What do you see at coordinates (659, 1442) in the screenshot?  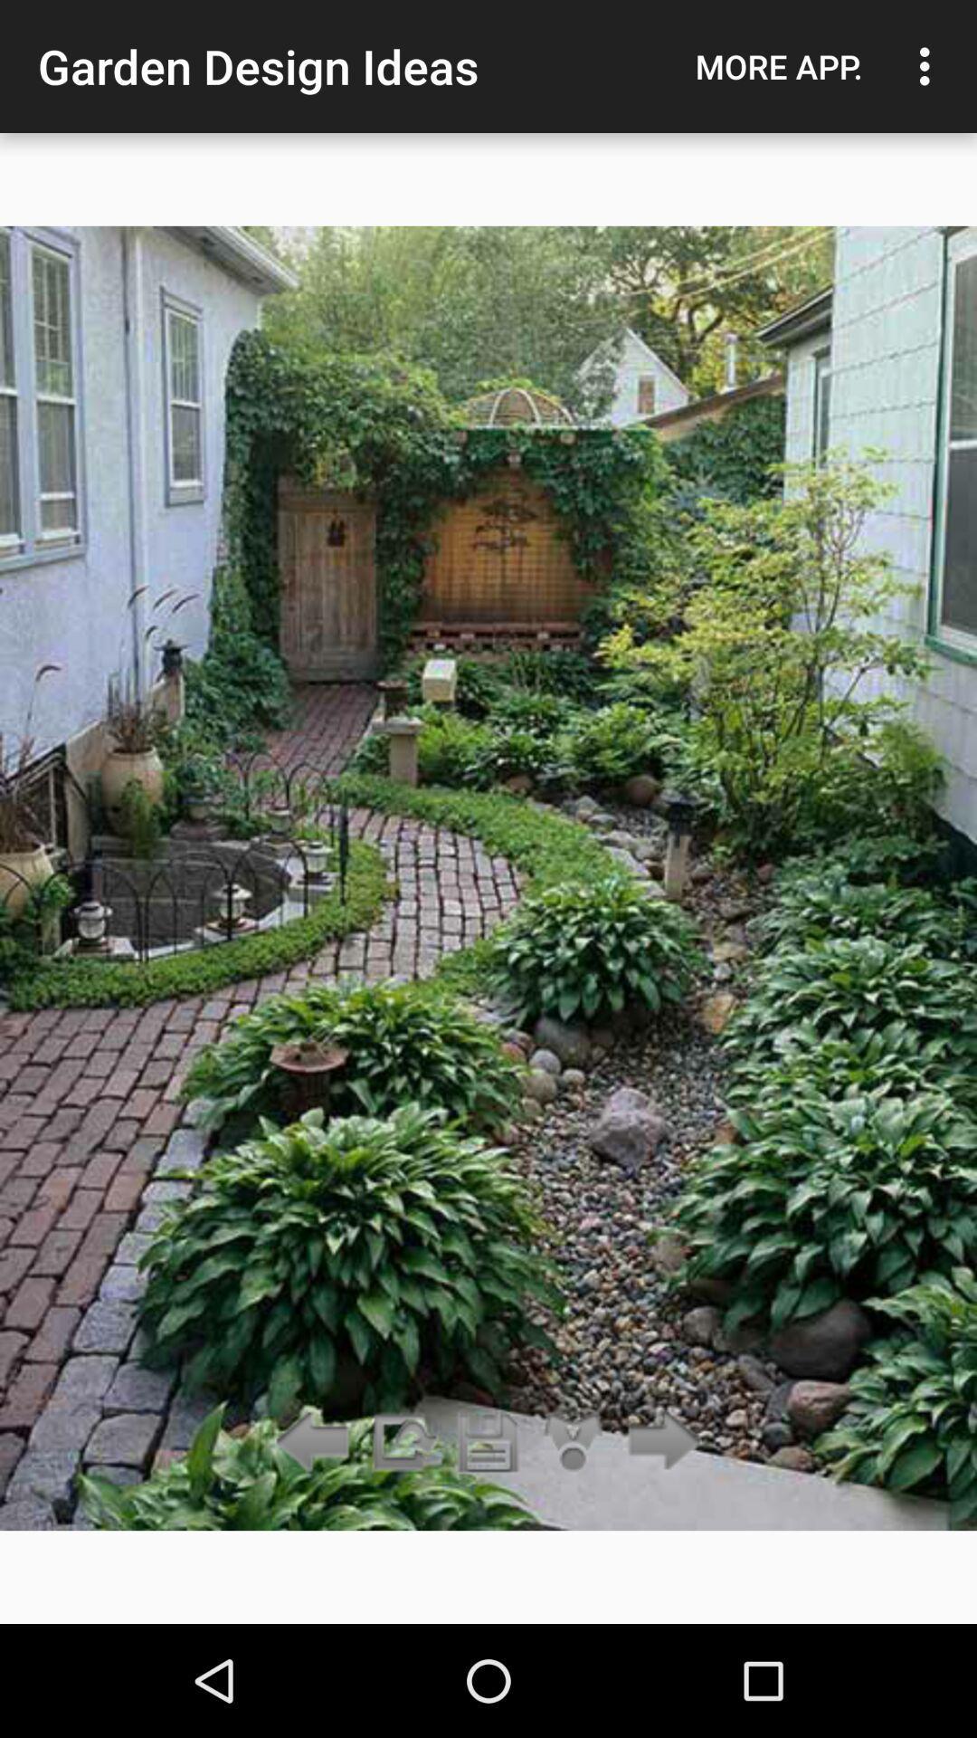 I see `icon below more app. icon` at bounding box center [659, 1442].